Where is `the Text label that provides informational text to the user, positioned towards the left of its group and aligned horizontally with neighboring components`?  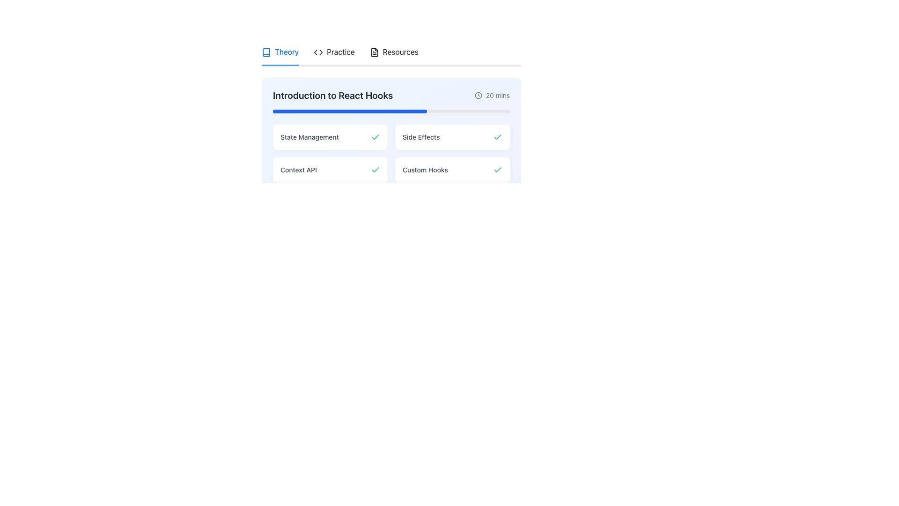 the Text label that provides informational text to the user, positioned towards the left of its group and aligned horizontally with neighboring components is located at coordinates (298, 170).